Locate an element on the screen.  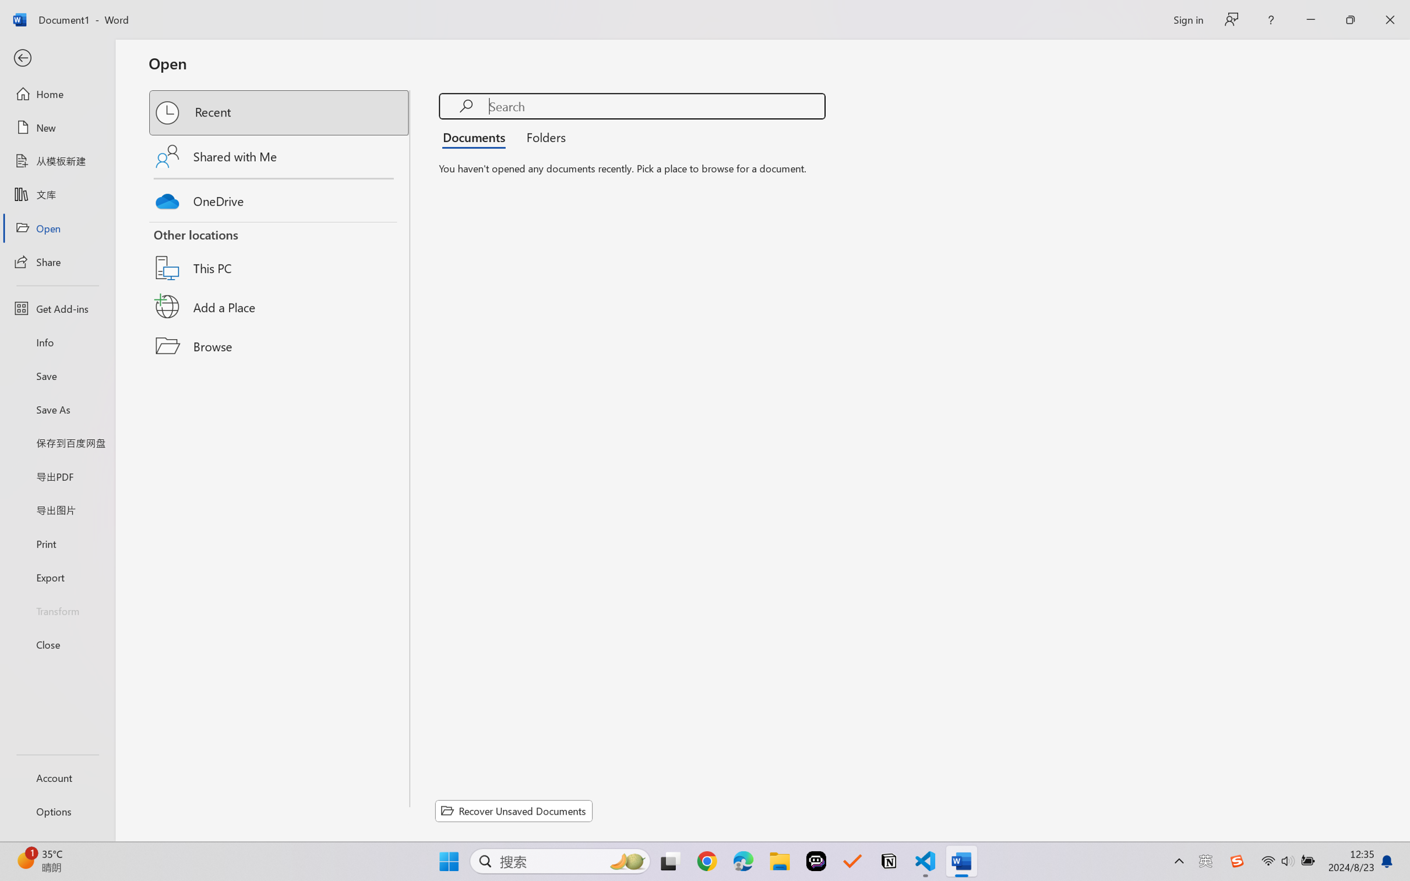
'Folders' is located at coordinates (542, 136).